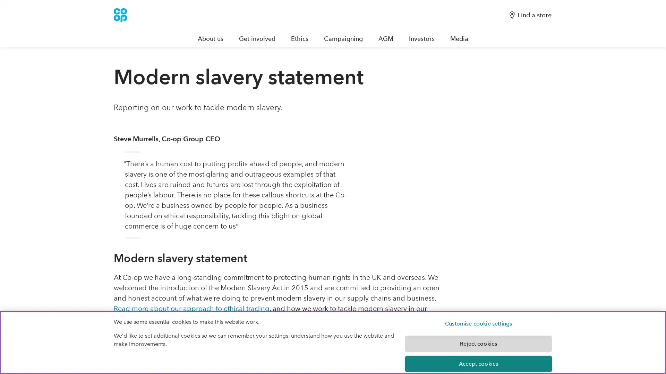 Image resolution: width=666 pixels, height=374 pixels. What do you see at coordinates (478, 363) in the screenshot?
I see `Accept cookies` at bounding box center [478, 363].